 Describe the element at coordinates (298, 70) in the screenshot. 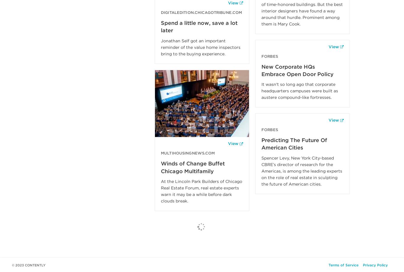

I see `'New Corporate HQs Embrace Open Door Policy'` at that location.